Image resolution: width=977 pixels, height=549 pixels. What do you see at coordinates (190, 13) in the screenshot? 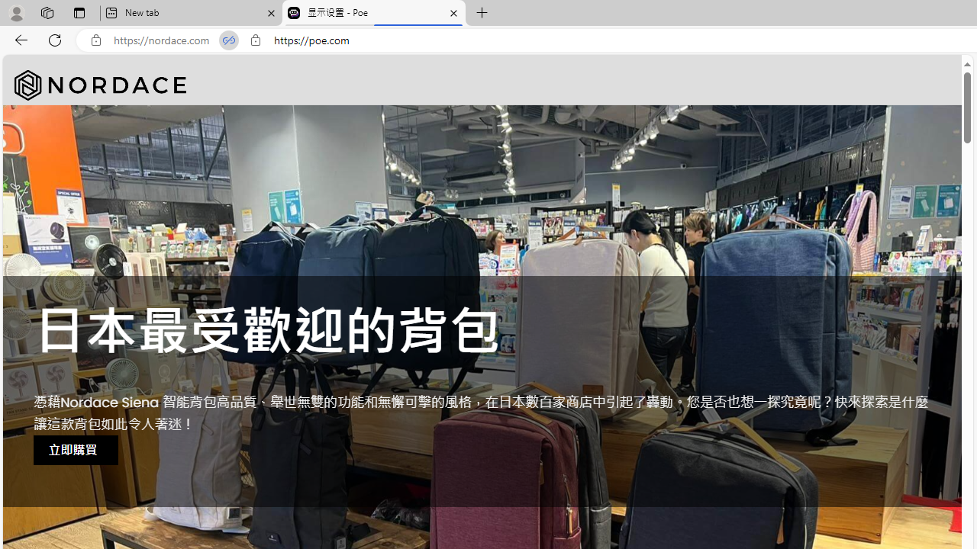
I see `'New tab'` at bounding box center [190, 13].